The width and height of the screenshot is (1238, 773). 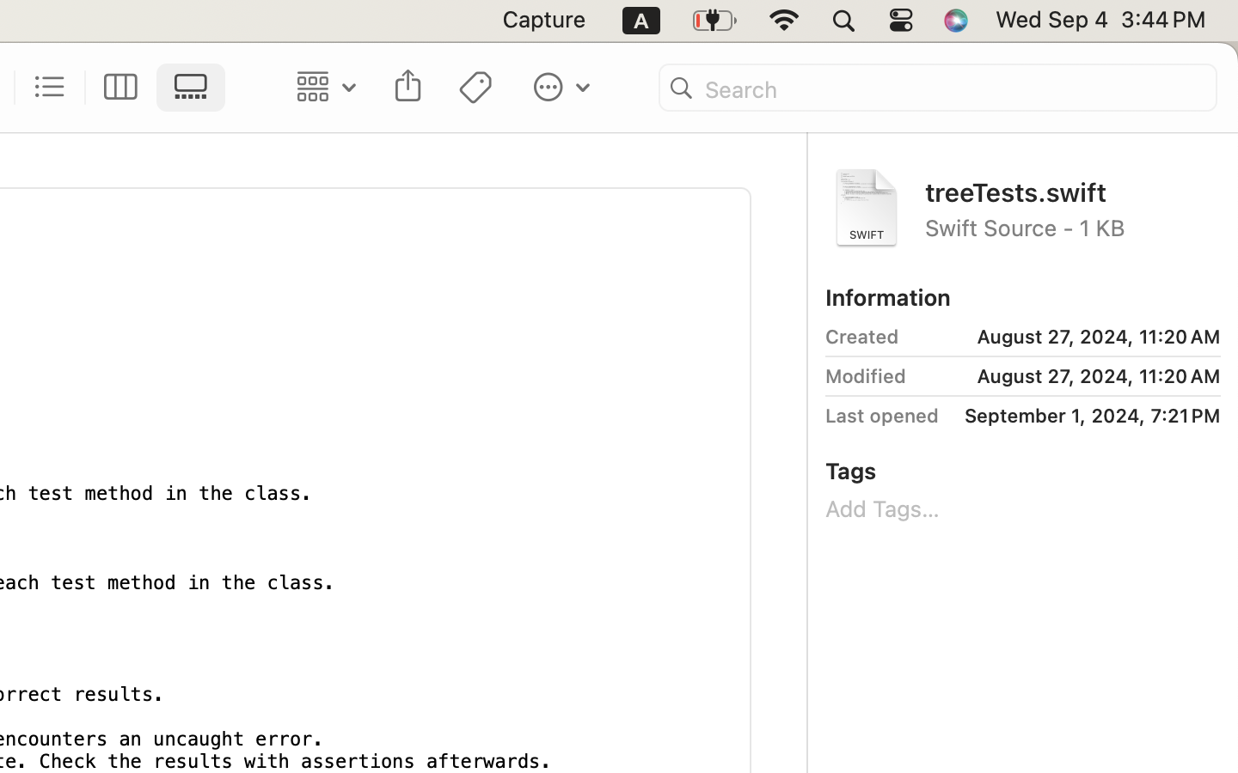 I want to click on 'August 27, 2024, 11:20 AM', so click(x=1065, y=337).